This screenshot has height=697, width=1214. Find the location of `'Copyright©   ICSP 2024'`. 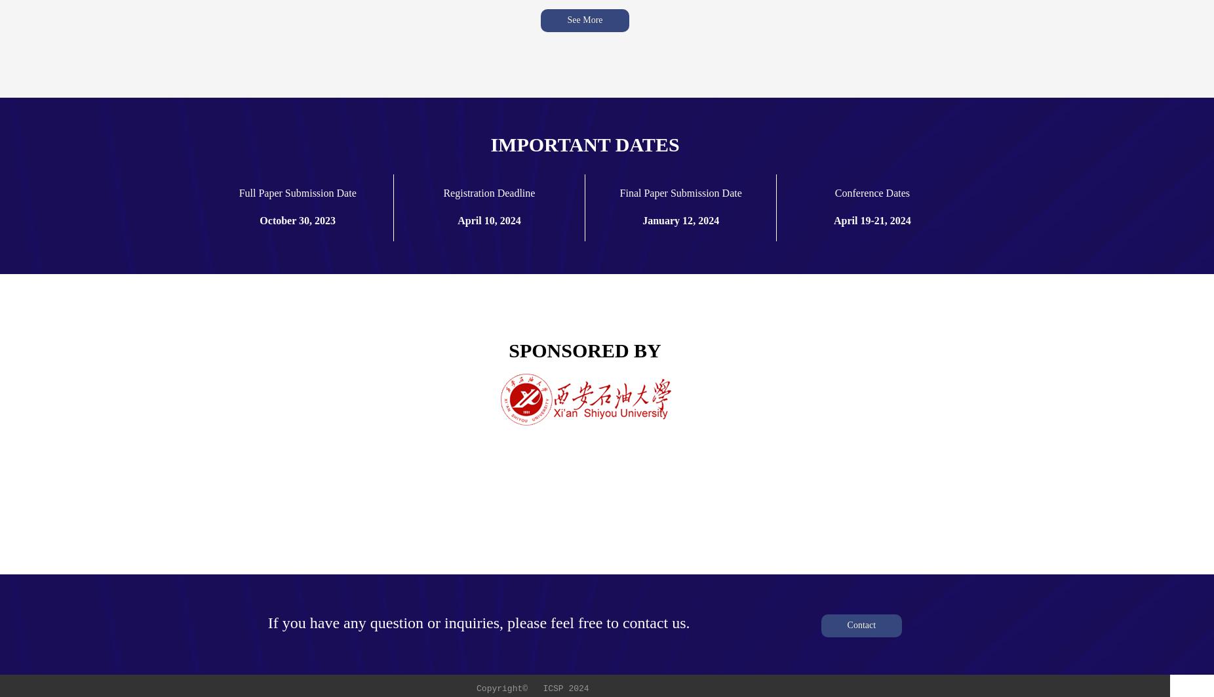

'Copyright©   ICSP 2024' is located at coordinates (532, 687).